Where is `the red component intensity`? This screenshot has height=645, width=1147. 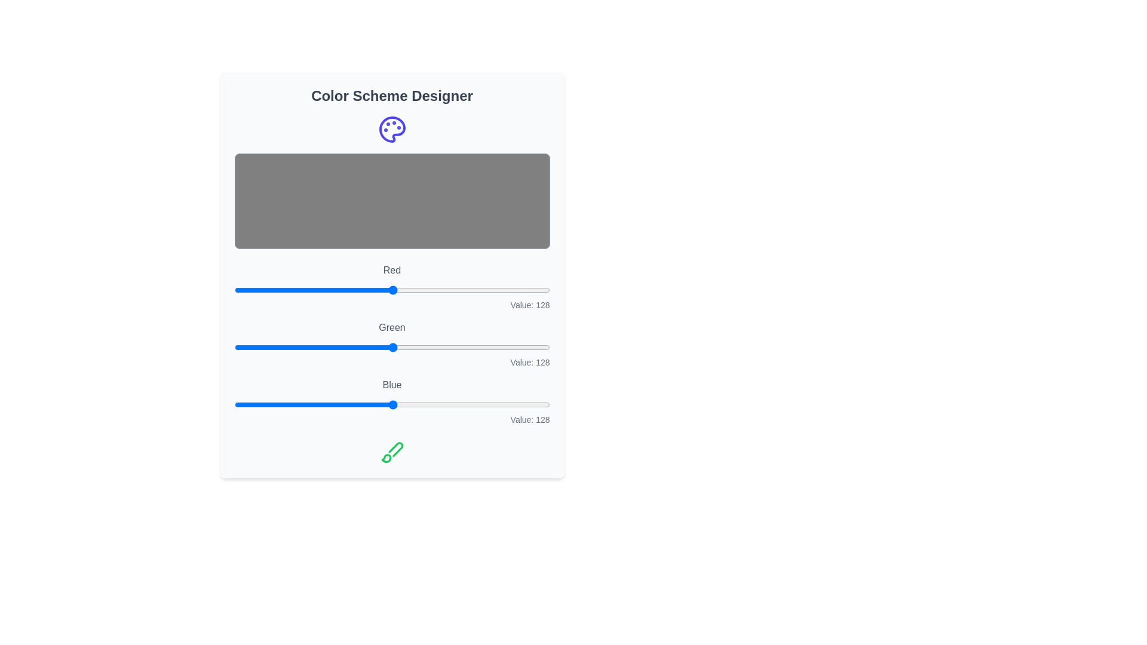 the red component intensity is located at coordinates (548, 290).